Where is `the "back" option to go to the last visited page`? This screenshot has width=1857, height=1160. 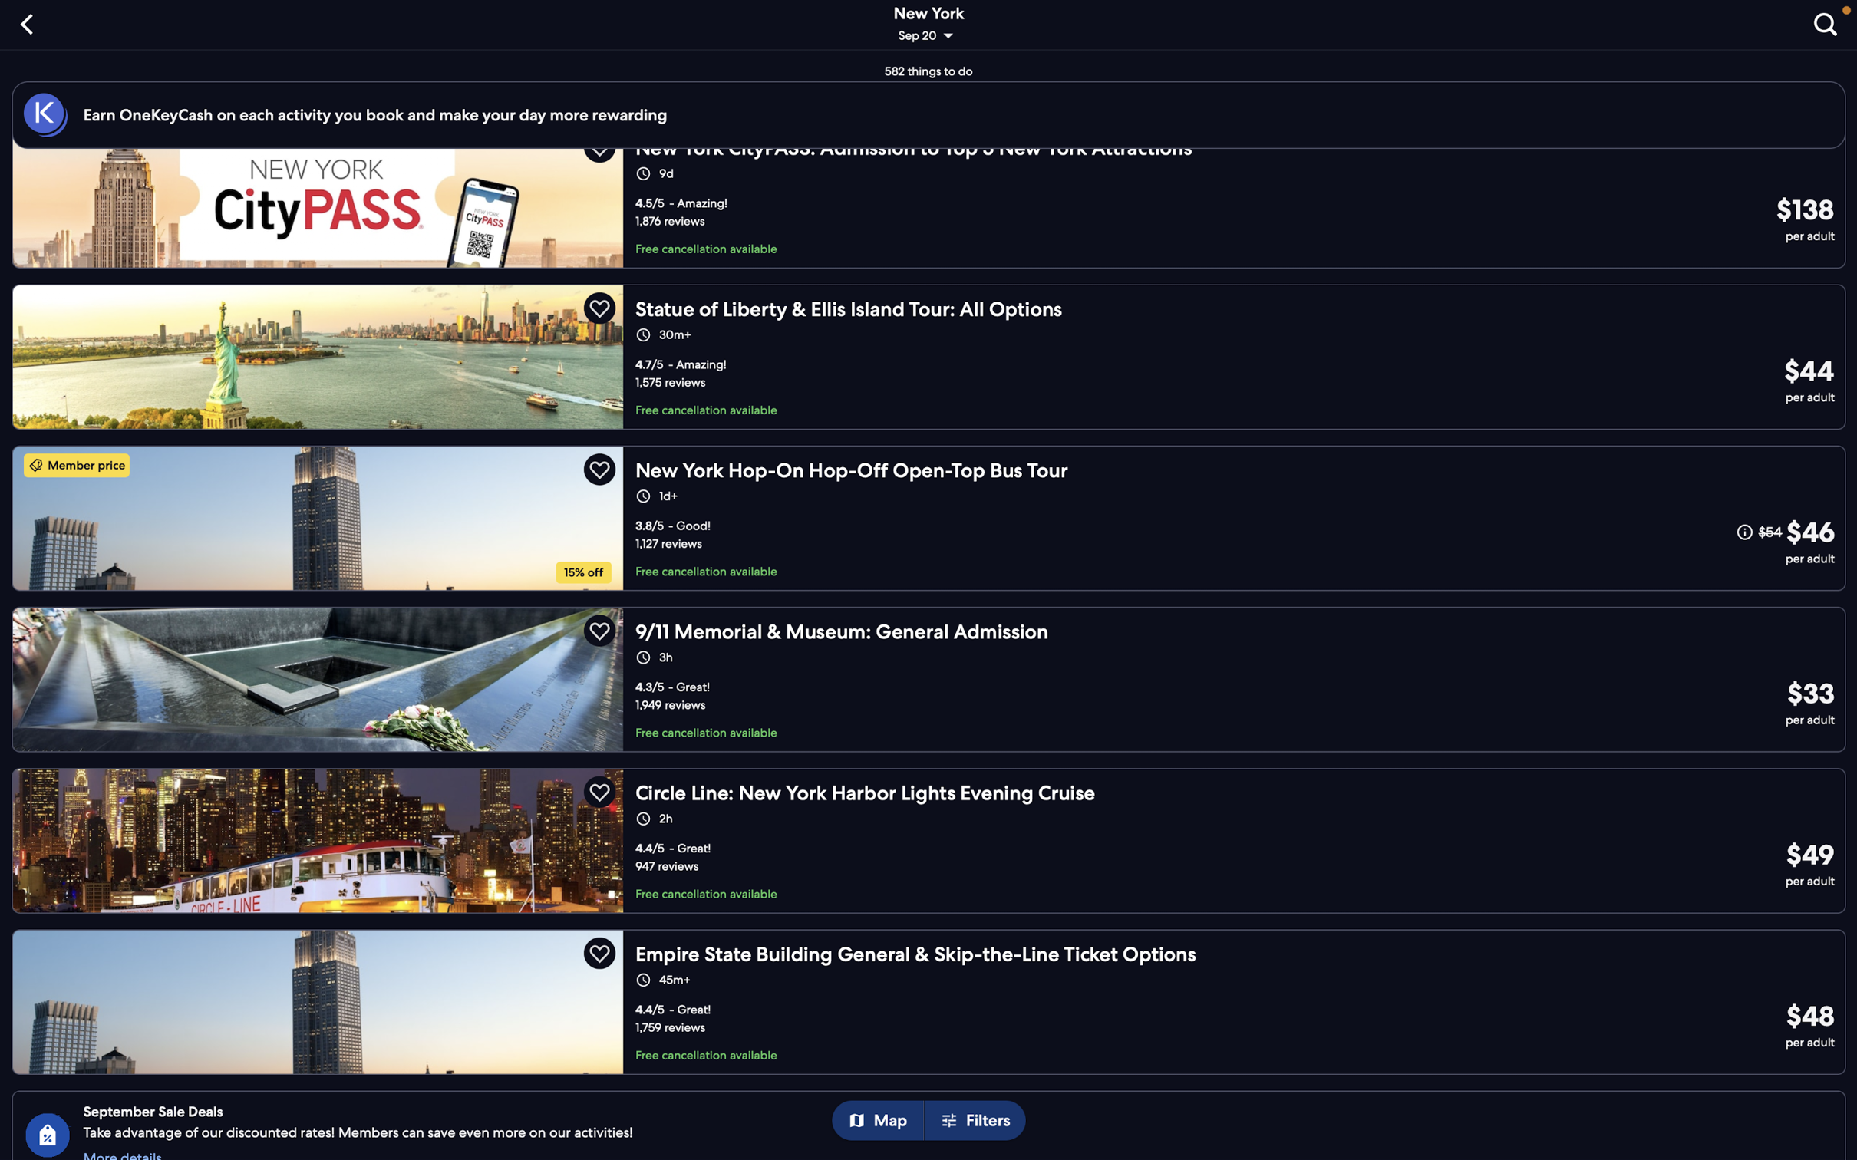
the "back" option to go to the last visited page is located at coordinates (30, 22).